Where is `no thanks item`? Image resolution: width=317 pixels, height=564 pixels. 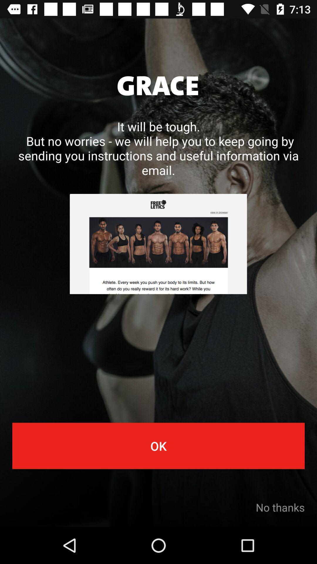 no thanks item is located at coordinates (280, 507).